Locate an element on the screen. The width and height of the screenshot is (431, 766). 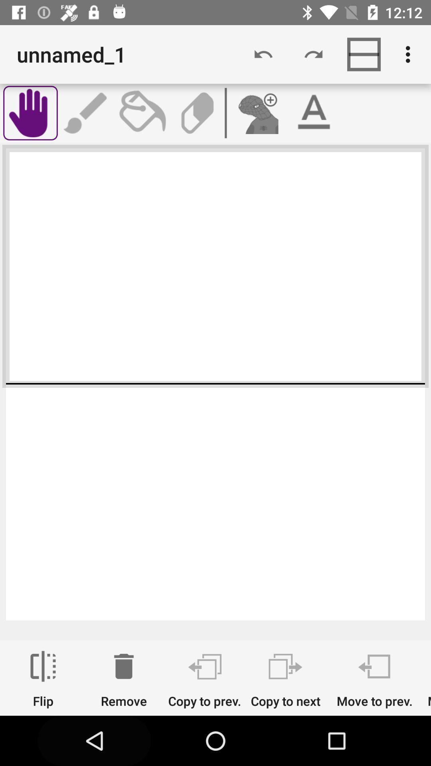
the item below unnamed_1 icon is located at coordinates (86, 113).